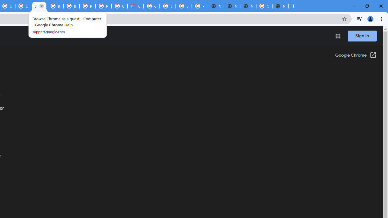 The image size is (388, 218). I want to click on 'Browse Chrome as a guest - Computer - Google Chrome Help', so click(39, 6).